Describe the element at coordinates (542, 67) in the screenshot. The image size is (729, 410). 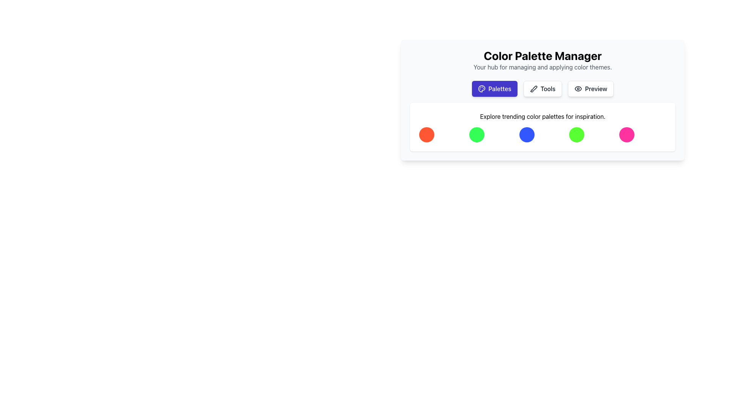
I see `the static text displaying 'Your hub for managing and applying color themes.' which is located directly below the headline 'Color Palette Manager'` at that location.